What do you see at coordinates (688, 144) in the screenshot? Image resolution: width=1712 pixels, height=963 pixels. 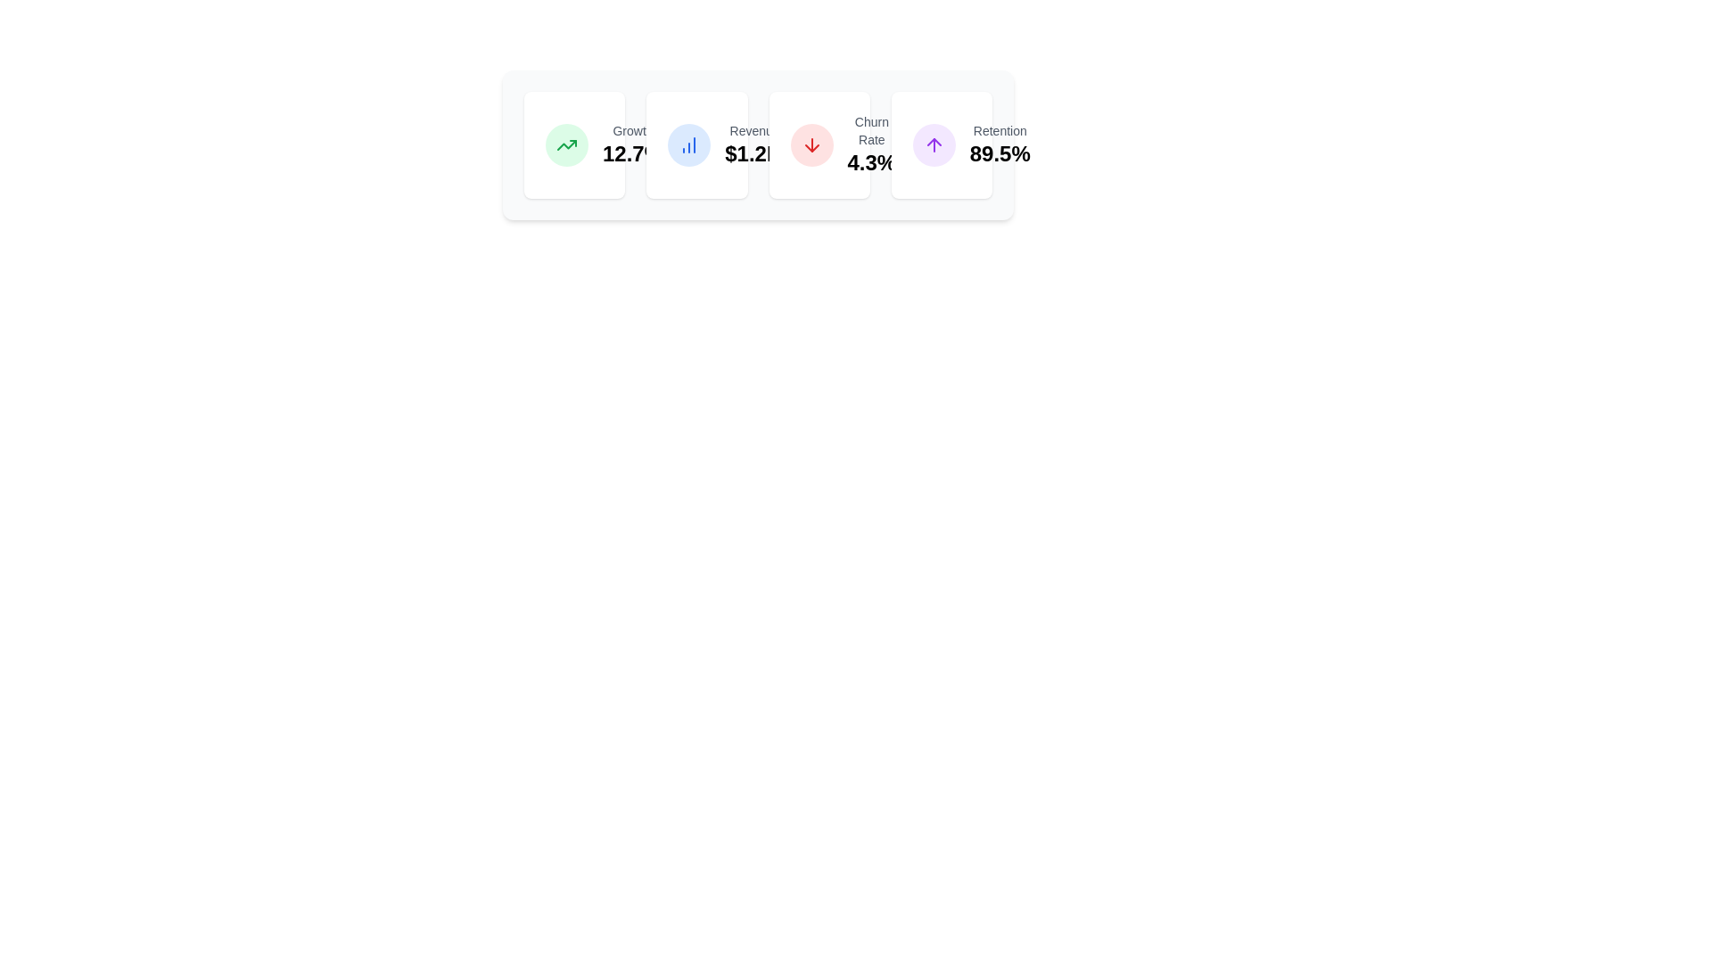 I see `the circular revenue icon located to the left of the text '$1.2M' in the second card from the left` at bounding box center [688, 144].